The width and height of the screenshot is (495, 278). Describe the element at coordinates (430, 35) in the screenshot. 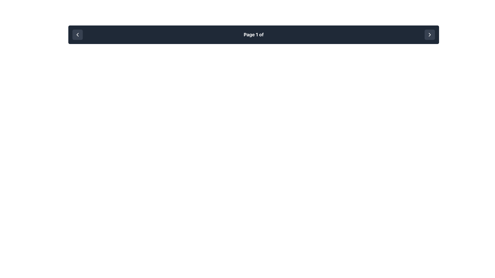

I see `the 'next' button located at the far-right of the header layout` at that location.